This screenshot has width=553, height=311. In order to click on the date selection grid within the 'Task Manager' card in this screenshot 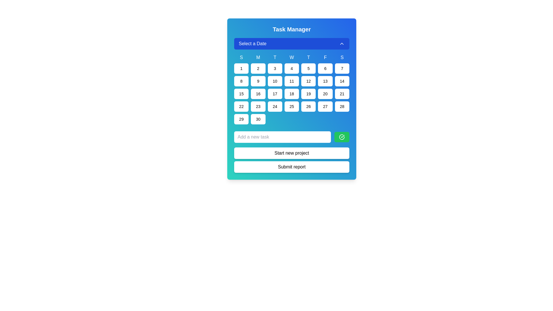, I will do `click(291, 81)`.